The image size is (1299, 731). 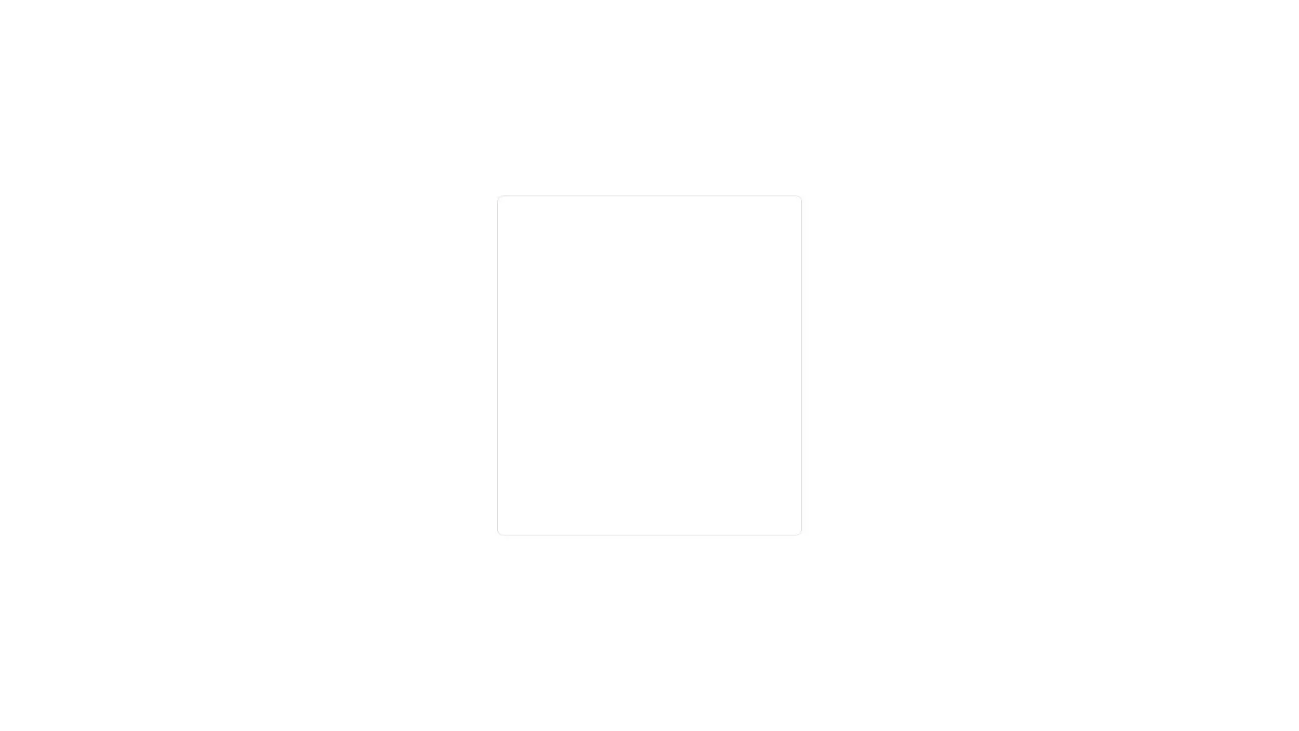 I want to click on Forgot email?, so click(x=555, y=370).